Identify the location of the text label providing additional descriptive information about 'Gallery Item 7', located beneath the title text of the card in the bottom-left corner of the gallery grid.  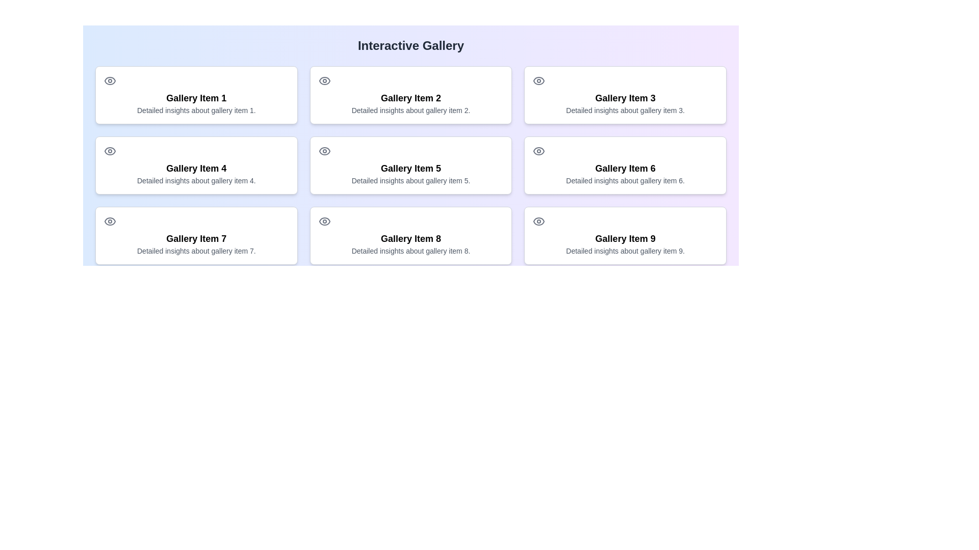
(196, 251).